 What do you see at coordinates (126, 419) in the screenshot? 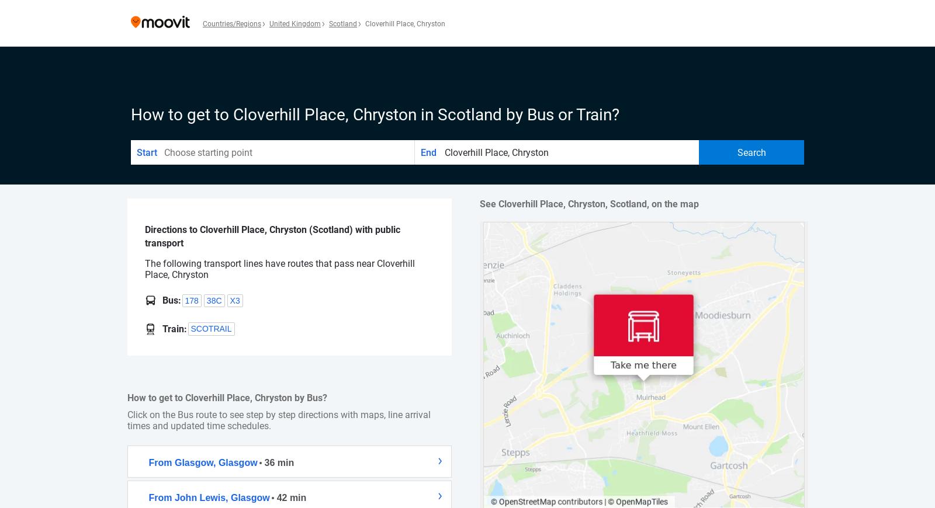
I see `'Click on the Bus route to see step by step directions with maps, line arrival times and updated time schedules.'` at bounding box center [126, 419].